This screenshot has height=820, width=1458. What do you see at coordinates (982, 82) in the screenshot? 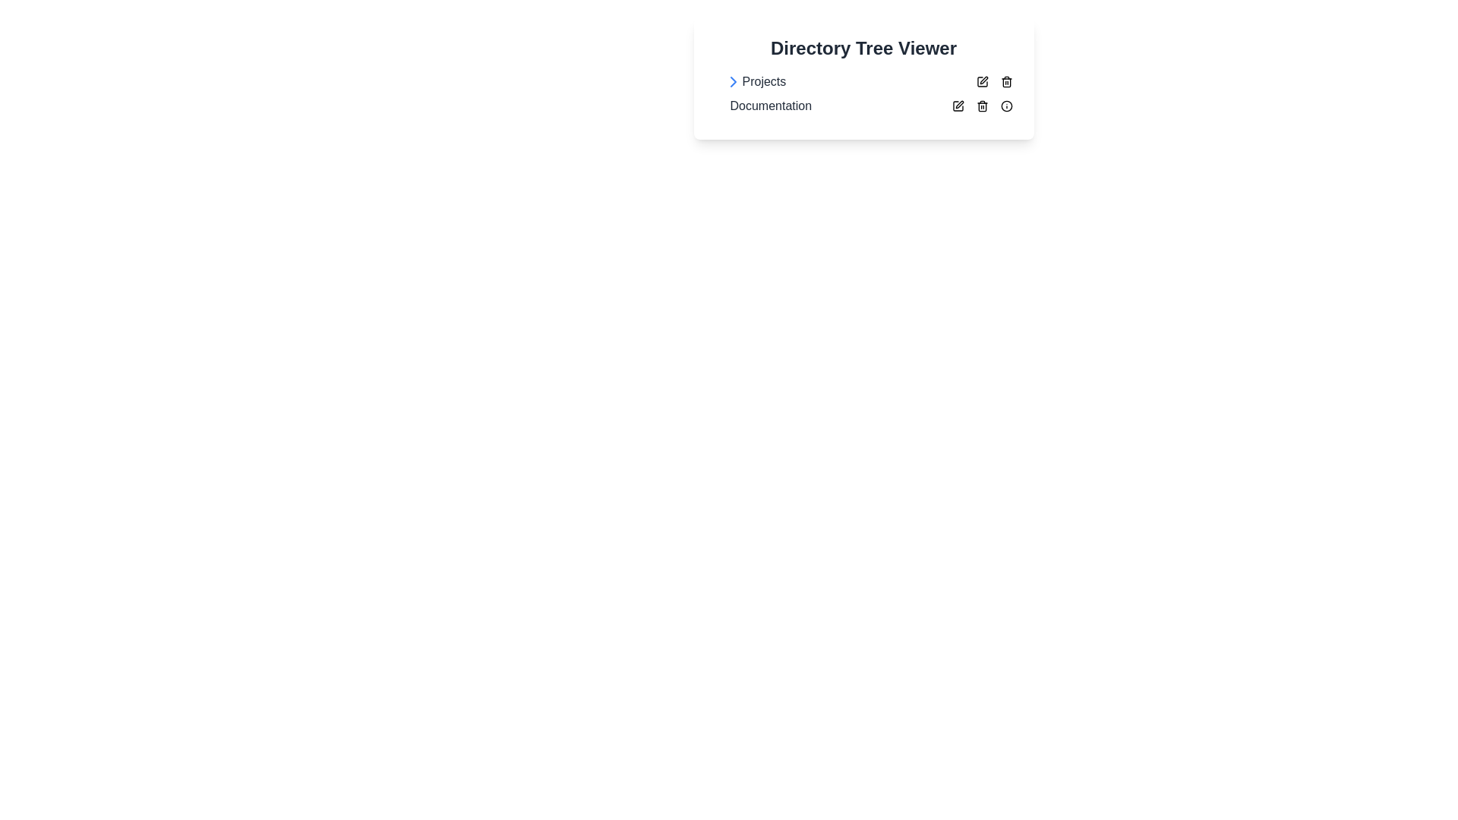
I see `the first icon button resembling a pen within a square frame in the top-right corner of the 'Directory Tree Viewer' card` at bounding box center [982, 82].